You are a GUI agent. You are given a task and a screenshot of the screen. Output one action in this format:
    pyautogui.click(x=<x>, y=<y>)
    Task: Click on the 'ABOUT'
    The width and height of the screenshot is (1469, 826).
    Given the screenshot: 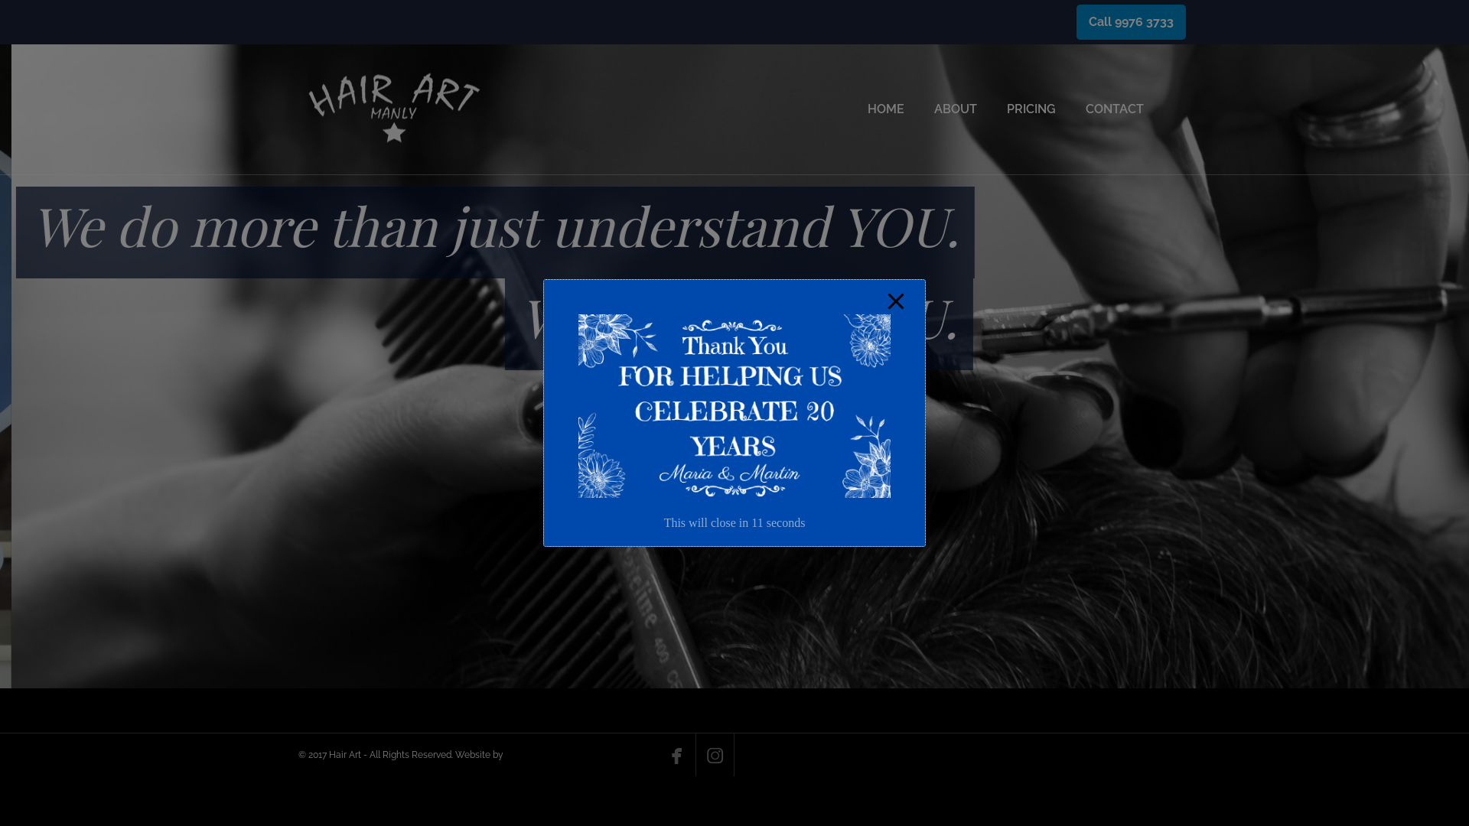 What is the action you would take?
    pyautogui.click(x=954, y=108)
    